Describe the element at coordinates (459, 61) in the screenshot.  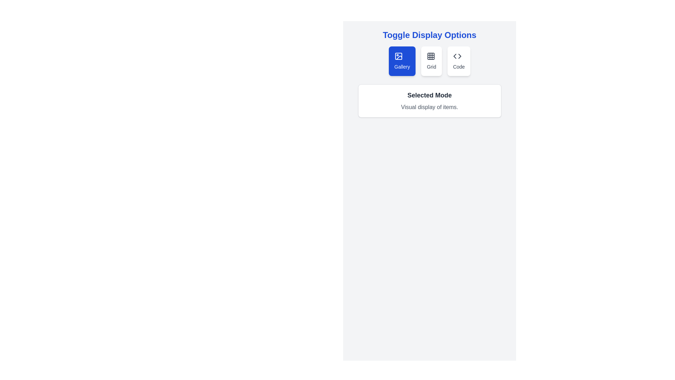
I see `the display mode Code by clicking the corresponding button` at that location.